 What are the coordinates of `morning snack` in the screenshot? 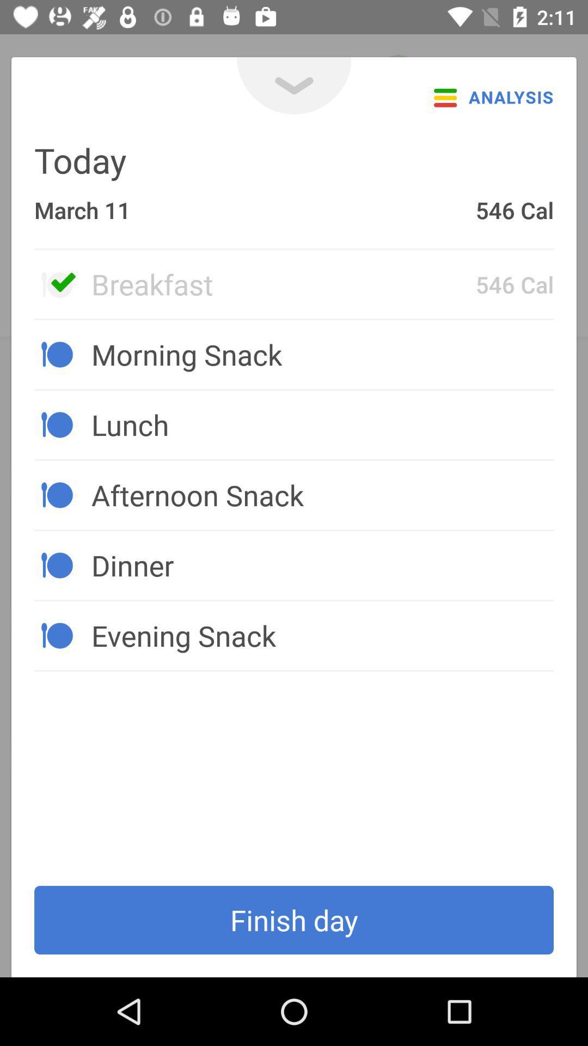 It's located at (322, 354).